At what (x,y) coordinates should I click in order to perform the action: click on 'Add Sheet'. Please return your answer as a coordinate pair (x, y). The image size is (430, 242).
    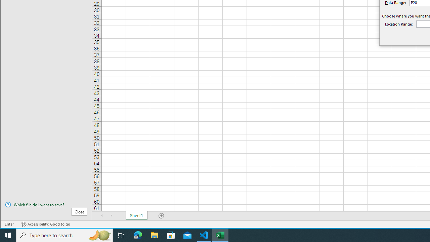
    Looking at the image, I should click on (162, 215).